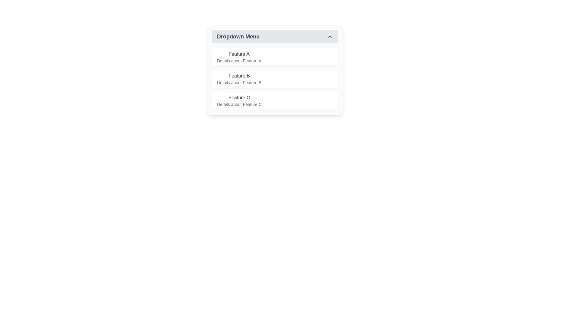  What do you see at coordinates (239, 97) in the screenshot?
I see `the text label that serves as the title for the third item in the dropdown menu, positioned above the 'Details about Feature C'` at bounding box center [239, 97].